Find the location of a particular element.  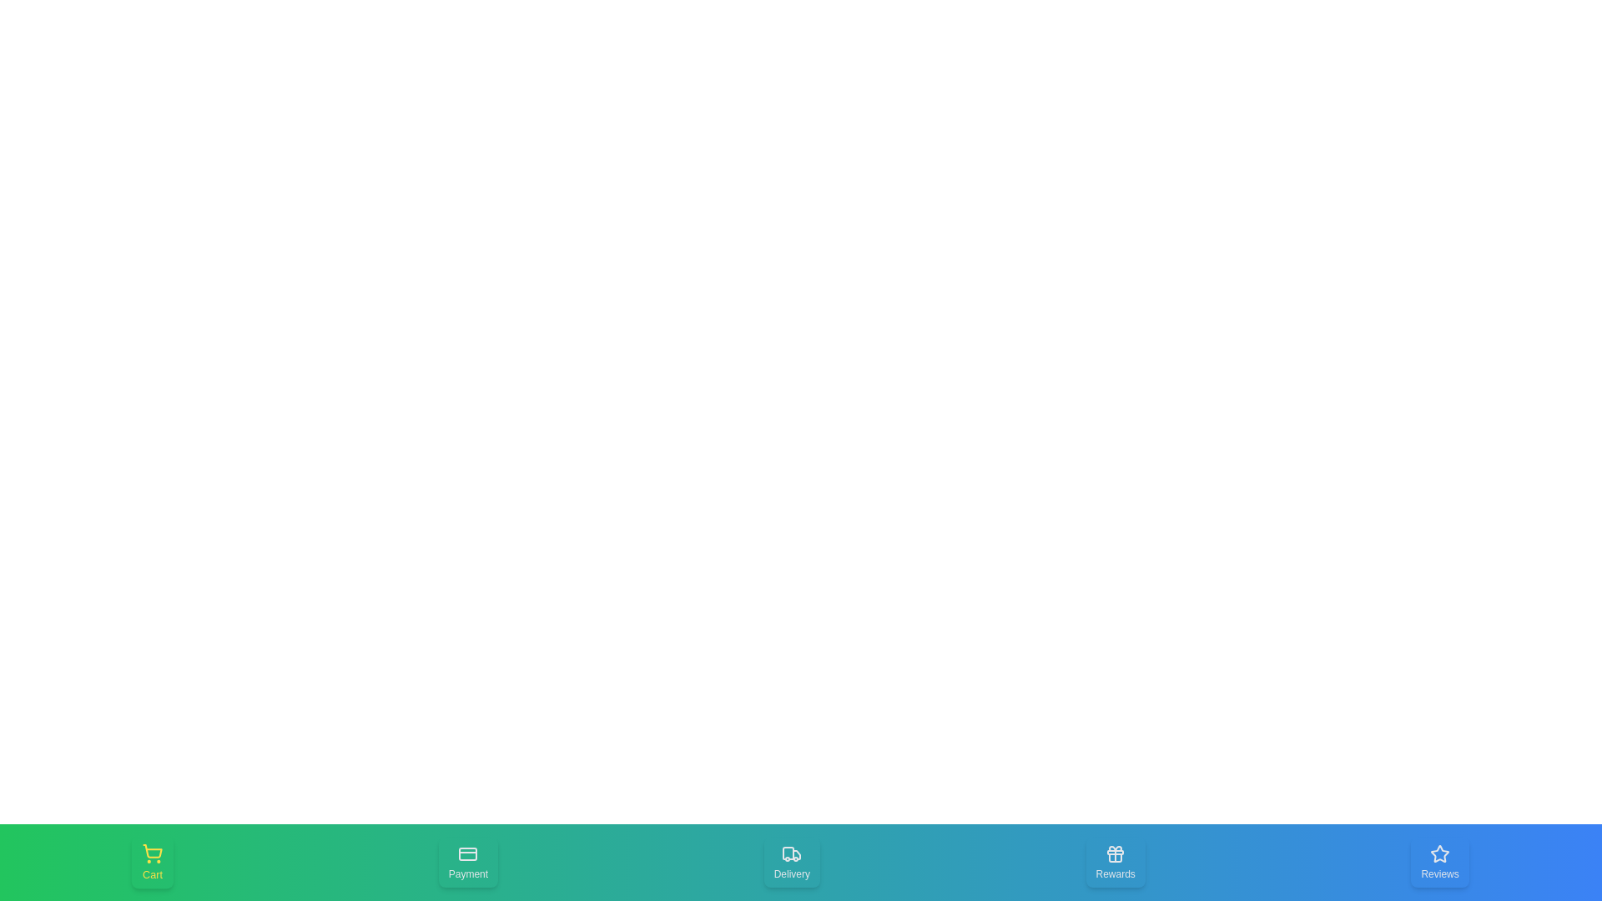

the Reviews tab in the bottom navigation bar is located at coordinates (1439, 862).